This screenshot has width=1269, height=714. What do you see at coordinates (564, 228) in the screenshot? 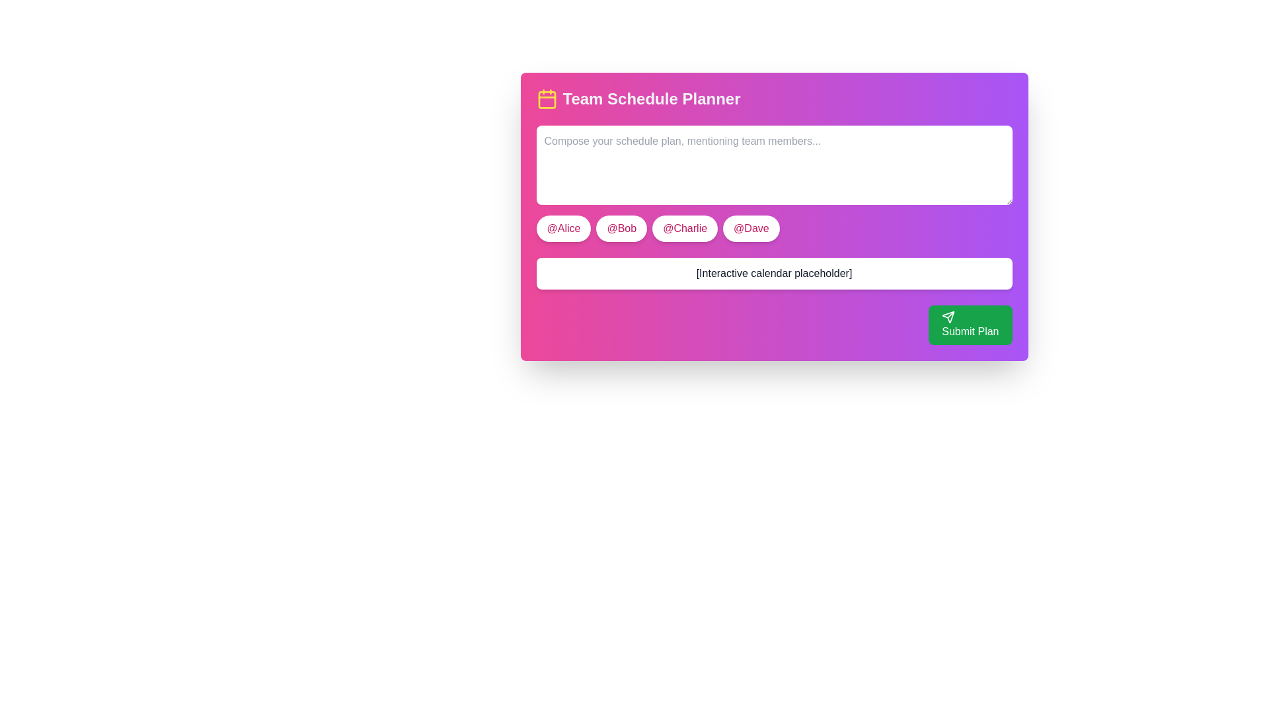
I see `the pill-shaped button with white background and pink text displaying '@Alice'` at bounding box center [564, 228].